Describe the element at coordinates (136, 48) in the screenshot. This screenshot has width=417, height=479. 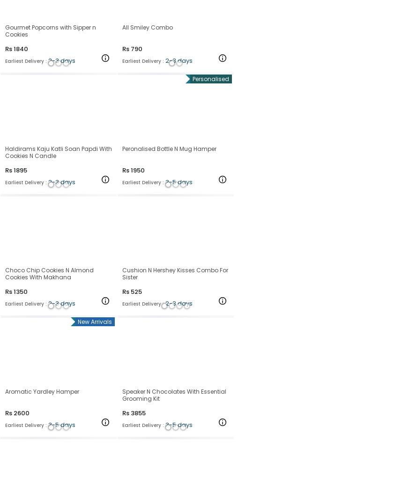
I see `'790'` at that location.